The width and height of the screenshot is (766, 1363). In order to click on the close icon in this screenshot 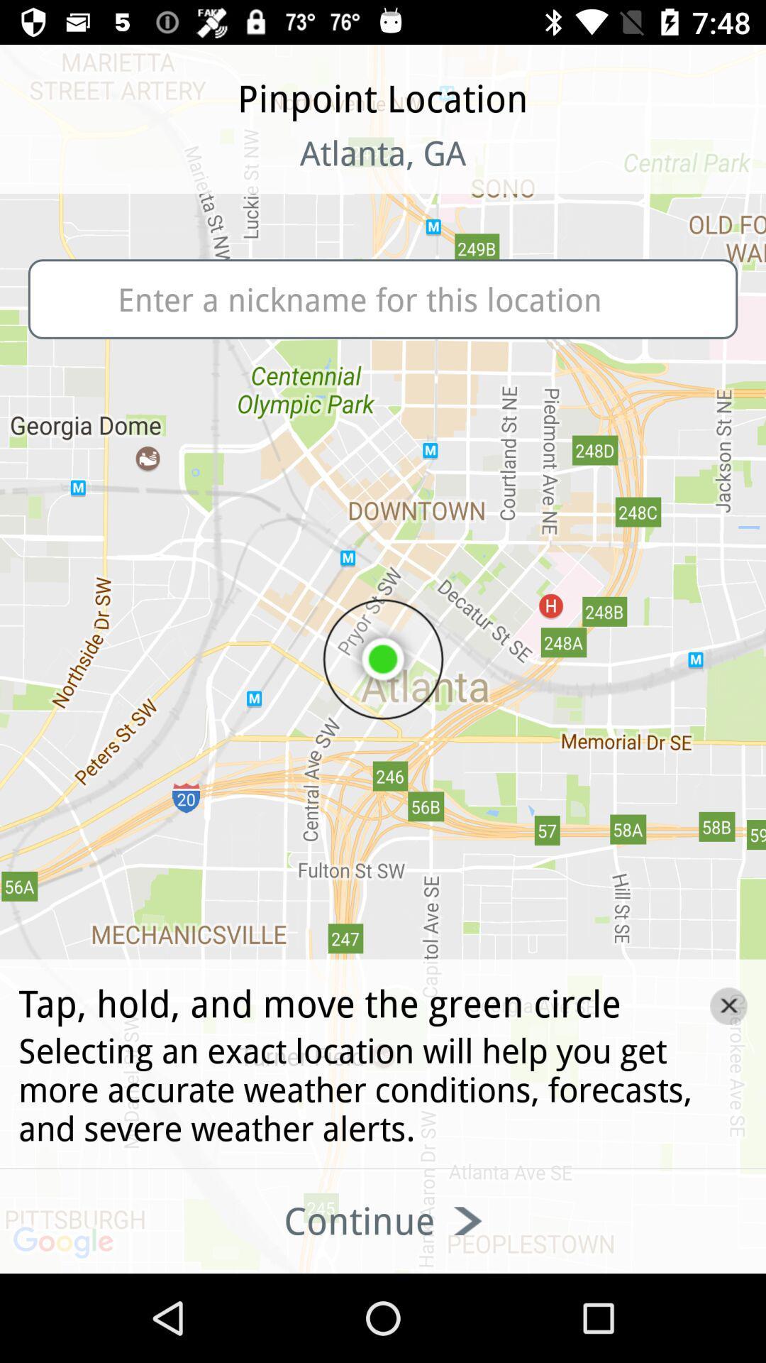, I will do `click(728, 1005)`.